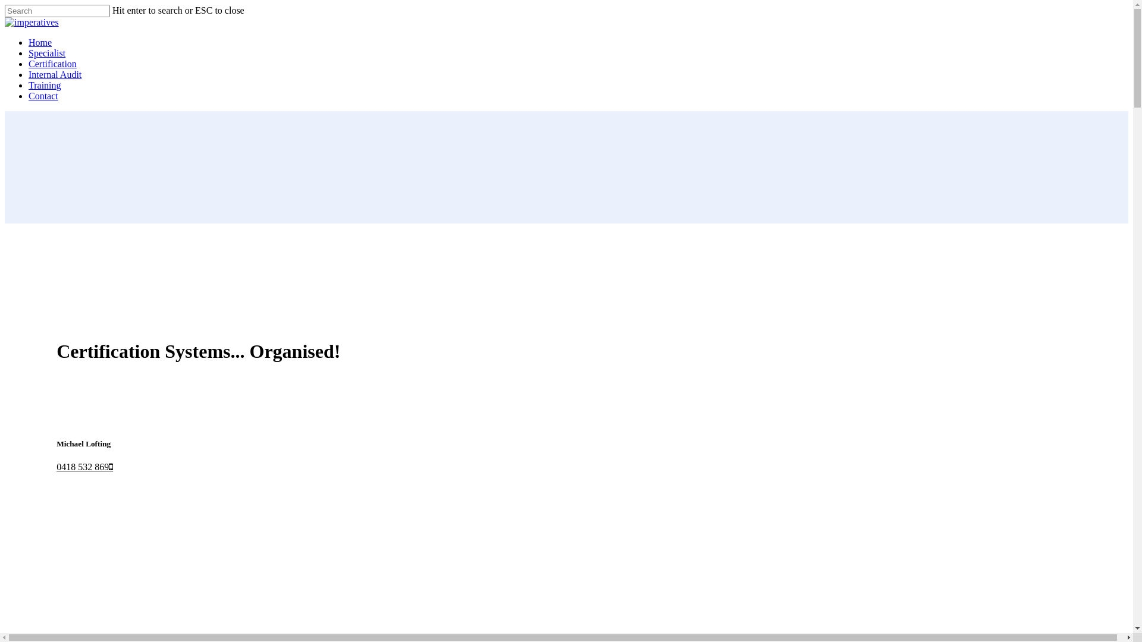  What do you see at coordinates (46, 52) in the screenshot?
I see `'Specialist'` at bounding box center [46, 52].